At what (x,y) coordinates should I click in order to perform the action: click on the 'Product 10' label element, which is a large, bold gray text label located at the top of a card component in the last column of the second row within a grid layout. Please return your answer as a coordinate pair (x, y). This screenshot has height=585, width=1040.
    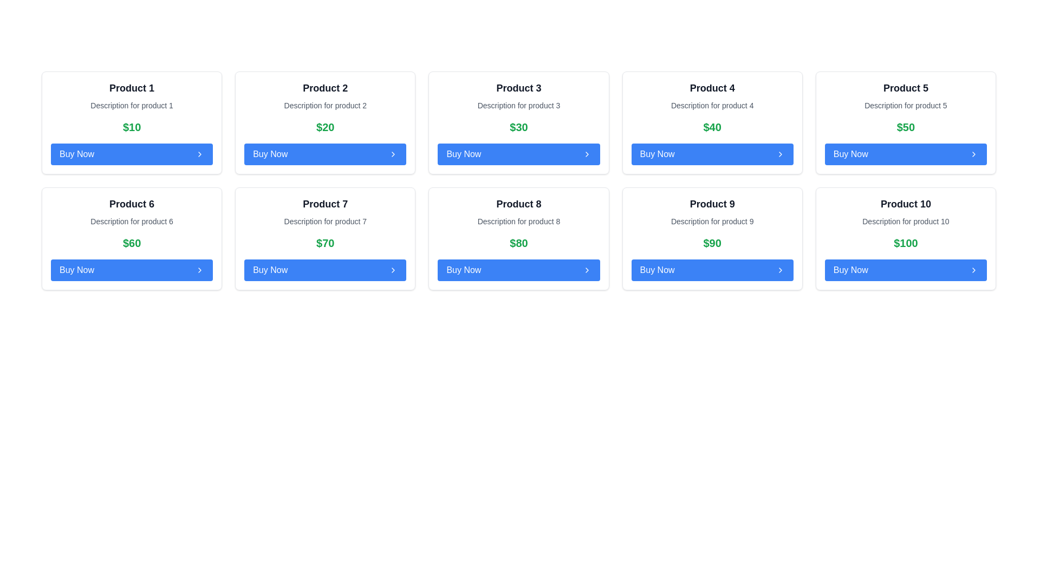
    Looking at the image, I should click on (906, 204).